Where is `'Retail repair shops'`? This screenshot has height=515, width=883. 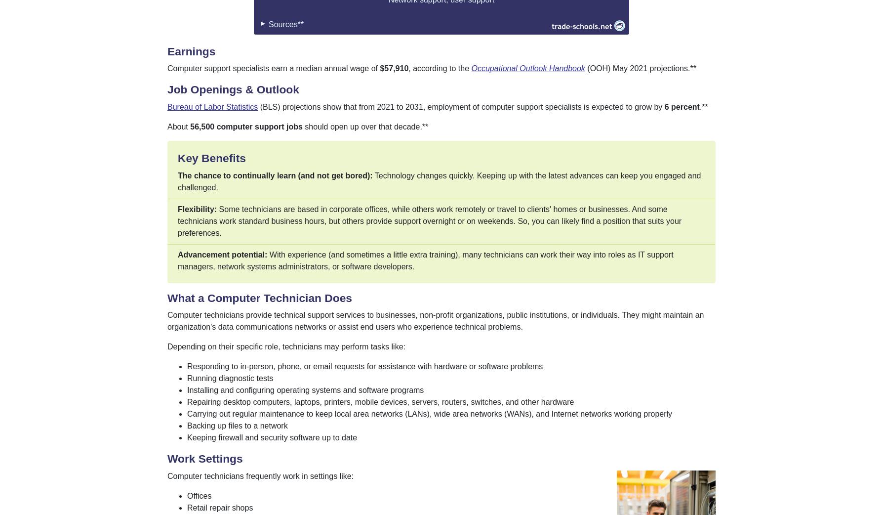 'Retail repair shops' is located at coordinates (219, 507).